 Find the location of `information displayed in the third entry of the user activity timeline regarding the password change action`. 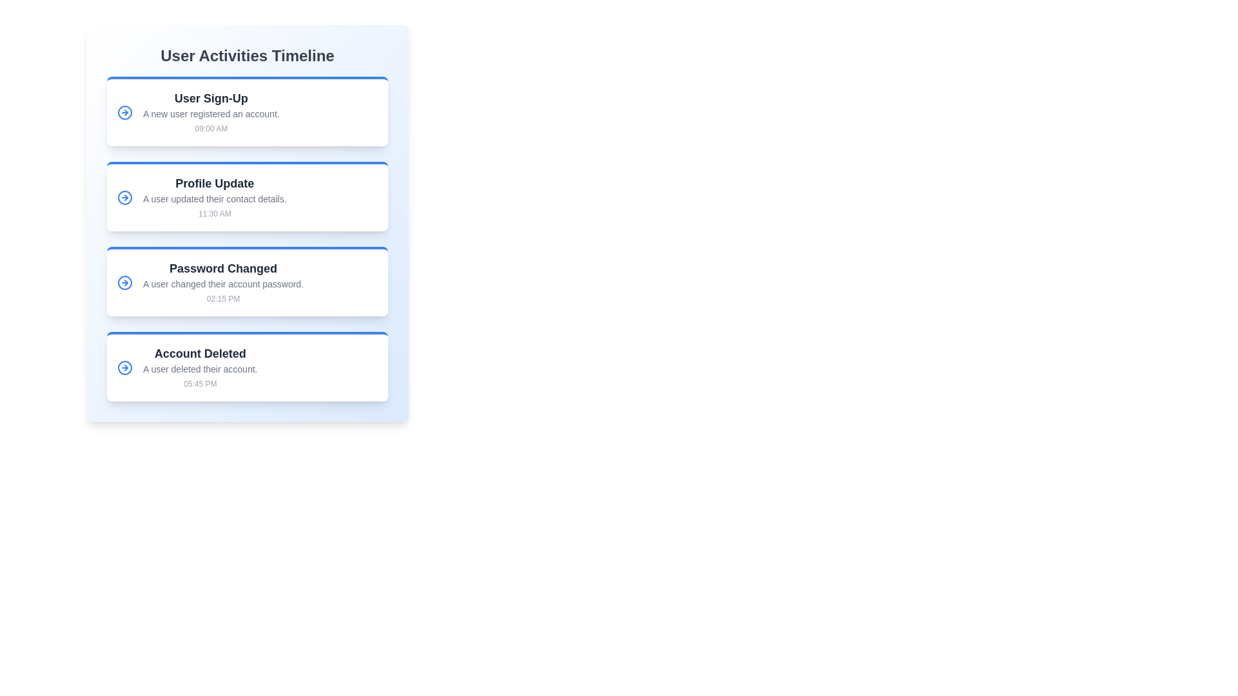

information displayed in the third entry of the user activity timeline regarding the password change action is located at coordinates (223, 282).